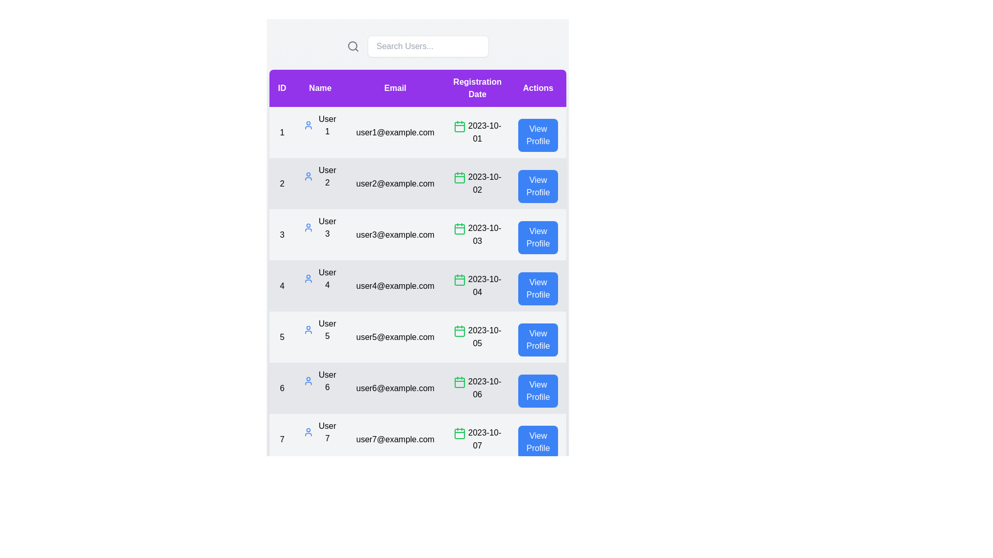  Describe the element at coordinates (308, 432) in the screenshot. I see `the user profile icon for user 7` at that location.